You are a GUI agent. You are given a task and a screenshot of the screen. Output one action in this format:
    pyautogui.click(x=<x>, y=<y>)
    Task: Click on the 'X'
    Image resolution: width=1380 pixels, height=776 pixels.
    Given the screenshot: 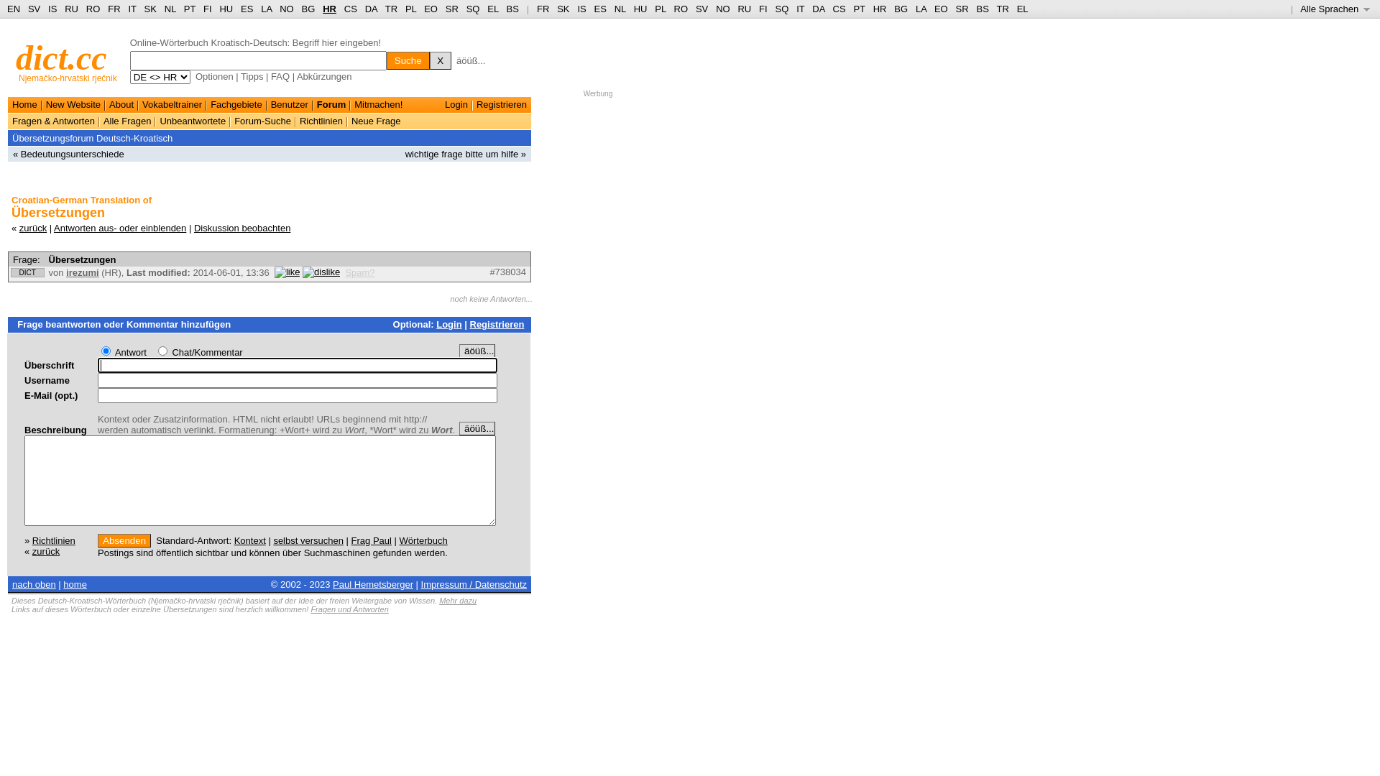 What is the action you would take?
    pyautogui.click(x=440, y=60)
    